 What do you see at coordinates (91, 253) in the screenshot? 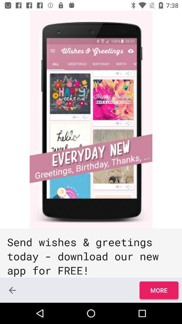
I see `send wishes greetings item` at bounding box center [91, 253].